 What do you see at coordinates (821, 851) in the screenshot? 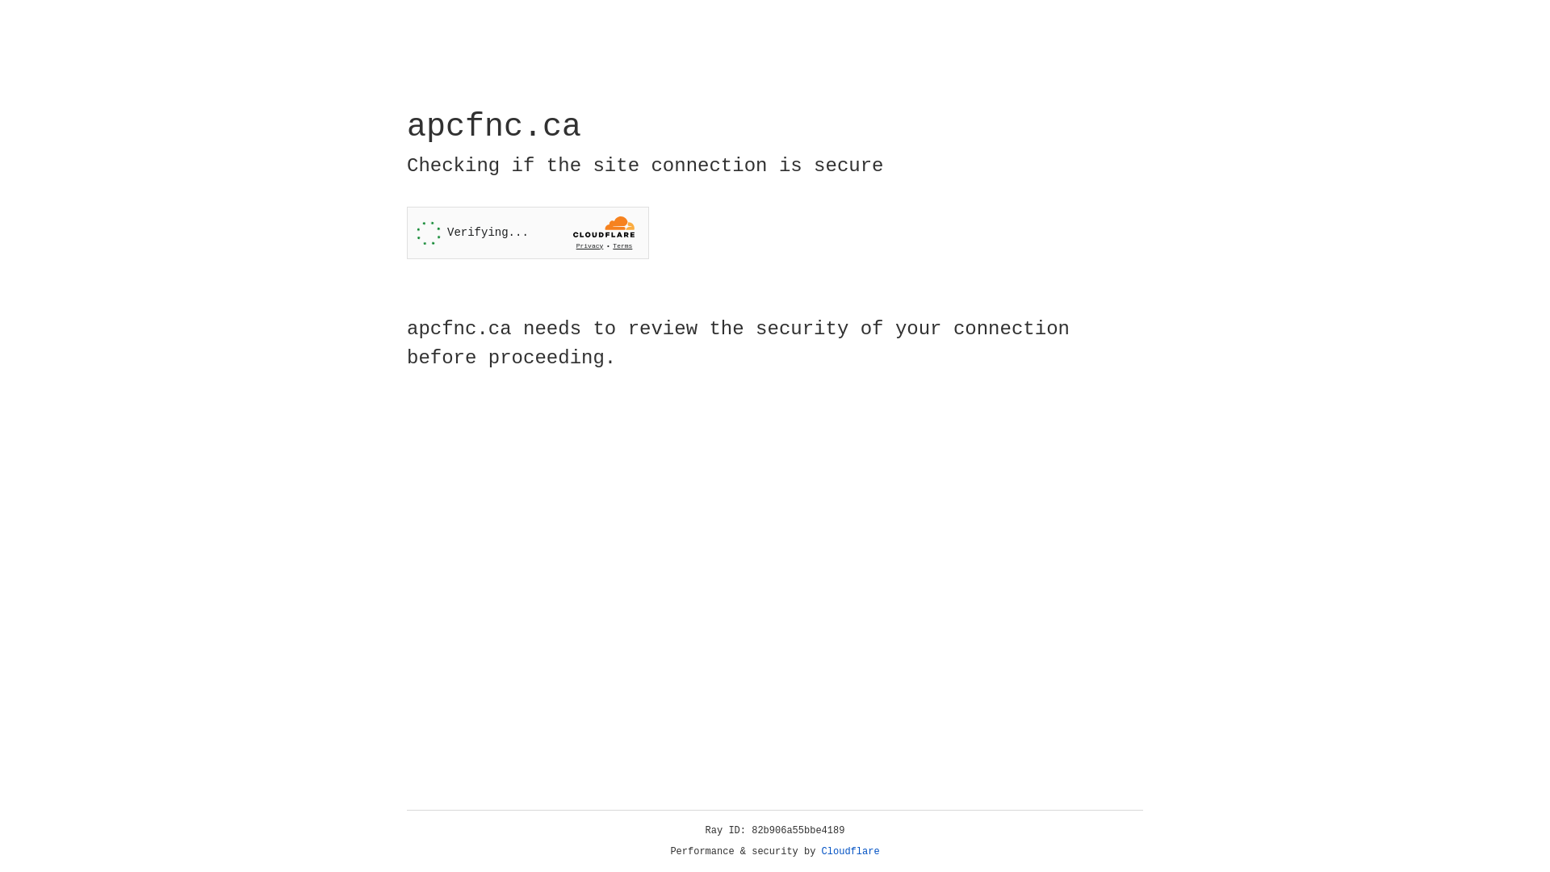
I see `'Cloudflare'` at bounding box center [821, 851].